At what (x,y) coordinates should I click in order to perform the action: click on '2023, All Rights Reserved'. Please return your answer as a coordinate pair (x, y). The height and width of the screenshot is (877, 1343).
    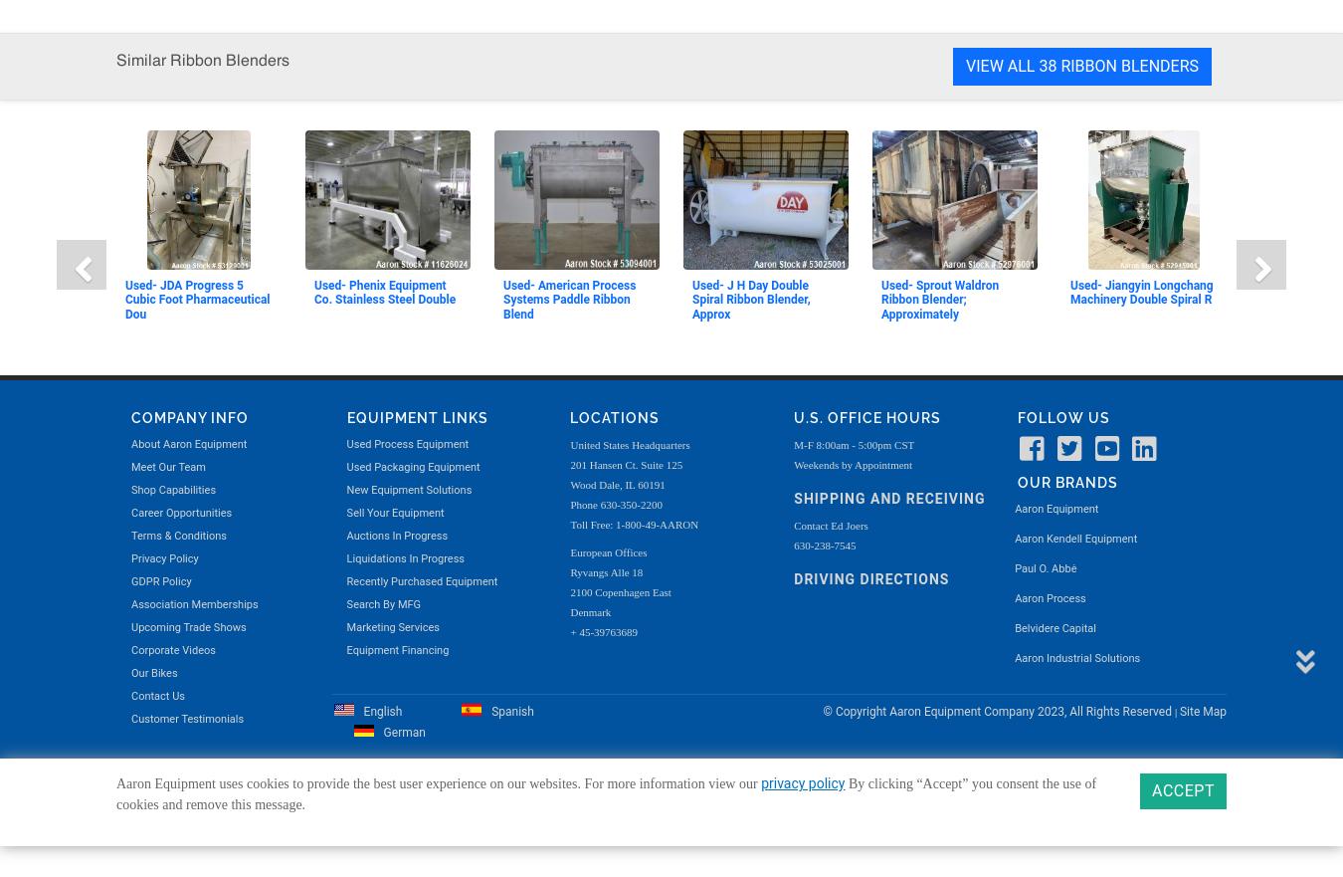
    Looking at the image, I should click on (1105, 101).